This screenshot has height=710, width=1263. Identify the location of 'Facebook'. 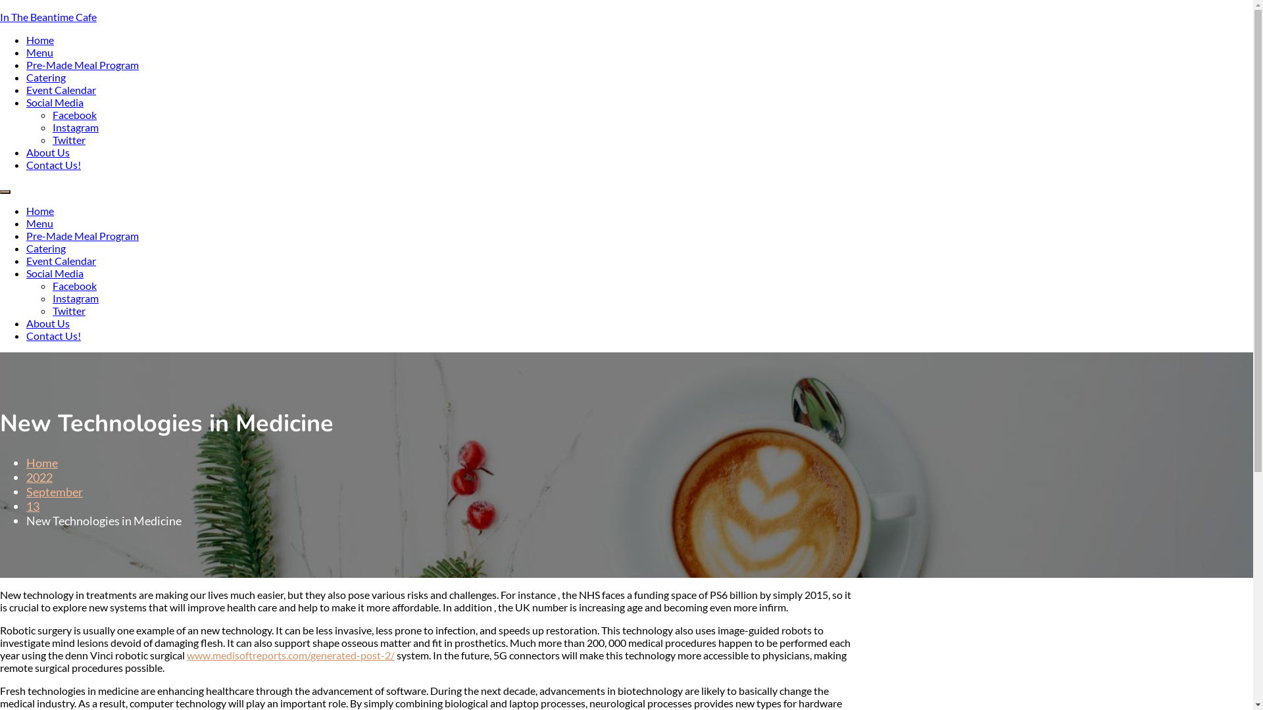
(74, 114).